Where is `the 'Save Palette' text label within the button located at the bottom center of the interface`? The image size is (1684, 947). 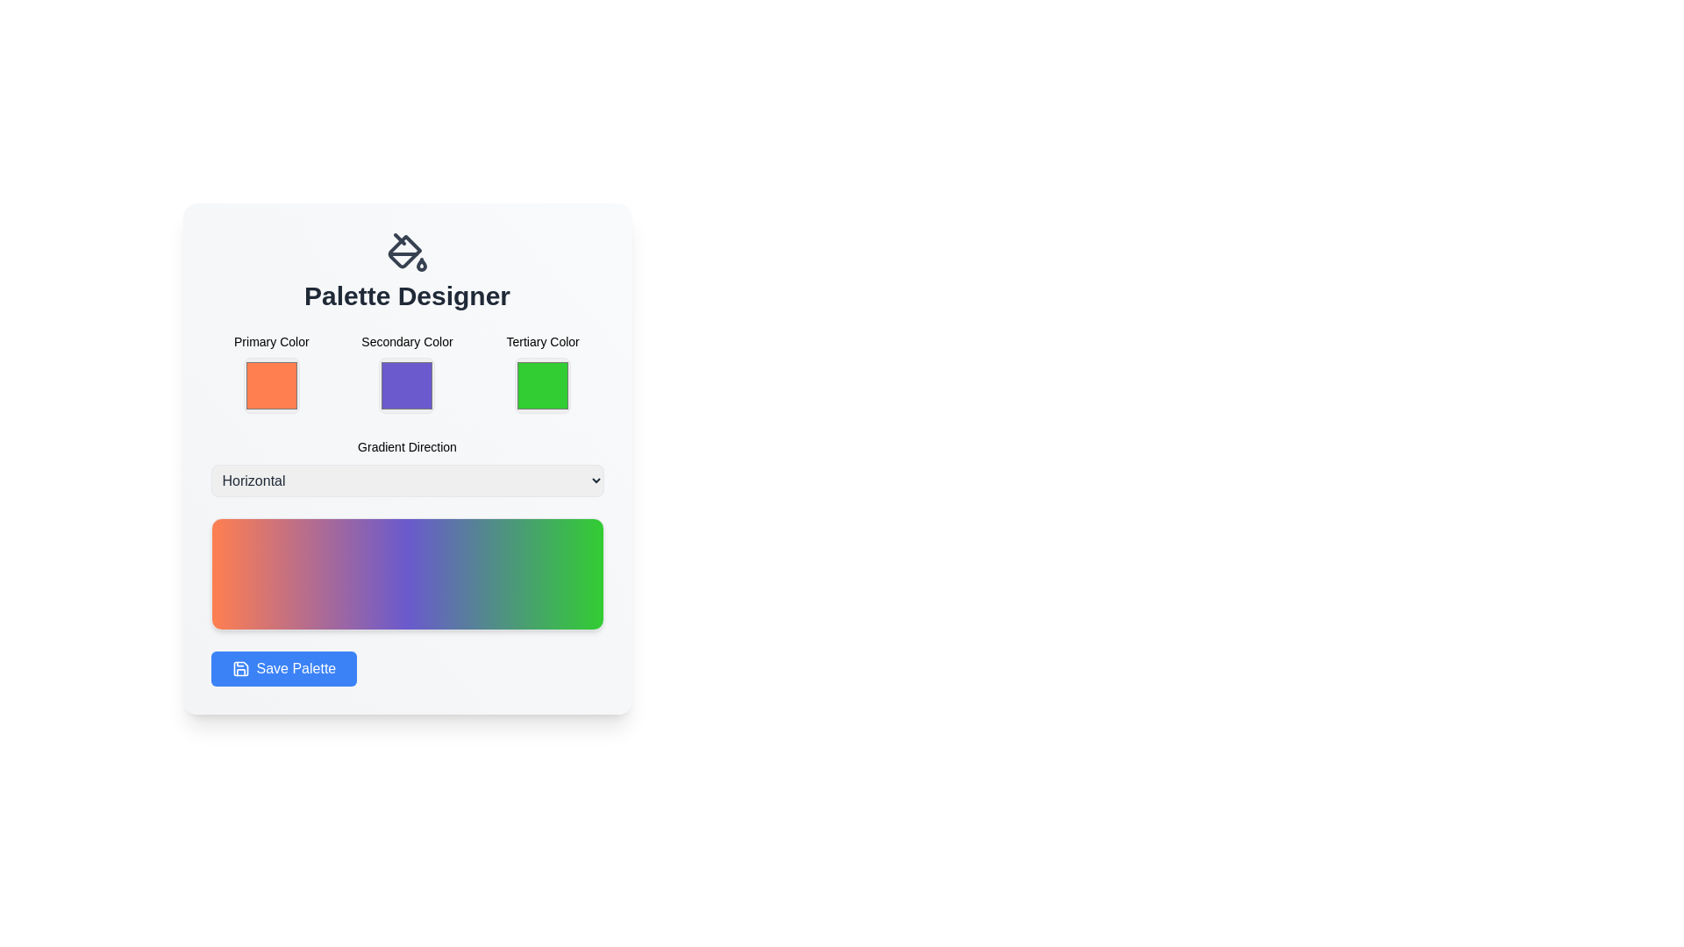
the 'Save Palette' text label within the button located at the bottom center of the interface is located at coordinates (296, 669).